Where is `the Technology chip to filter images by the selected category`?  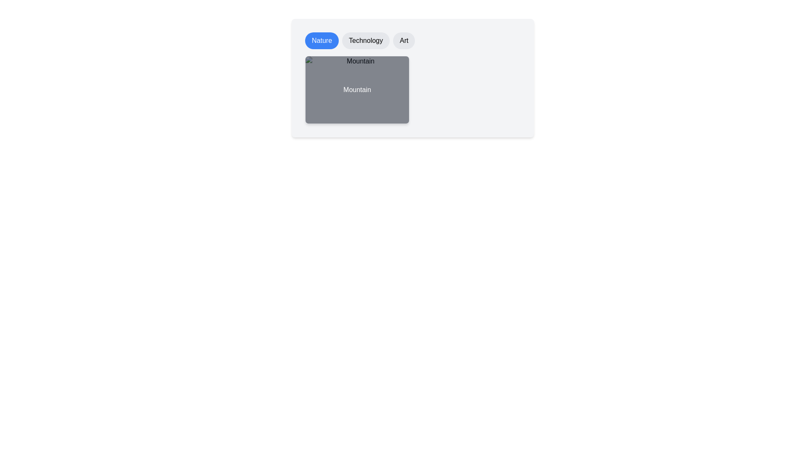 the Technology chip to filter images by the selected category is located at coordinates (366, 40).